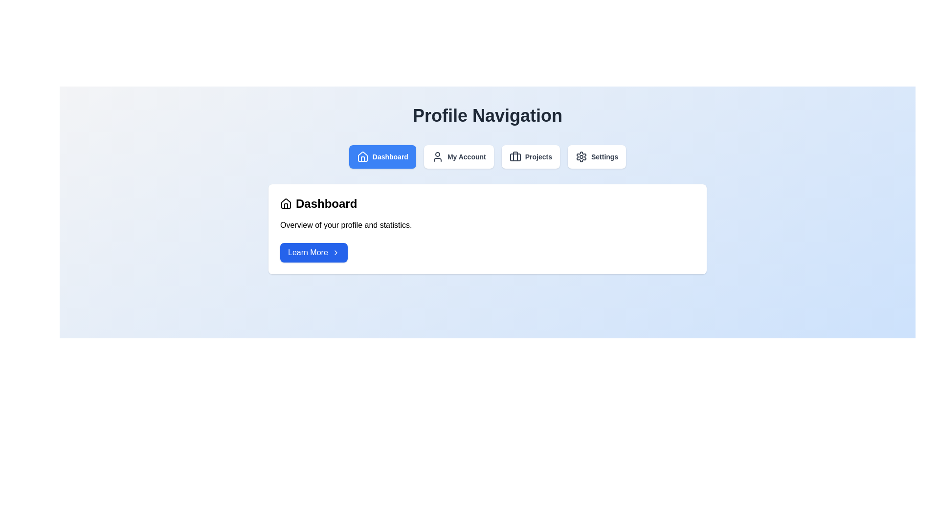  Describe the element at coordinates (437, 156) in the screenshot. I see `the user icon located in the center-left part of the 'My Account' button in the navigation bar` at that location.